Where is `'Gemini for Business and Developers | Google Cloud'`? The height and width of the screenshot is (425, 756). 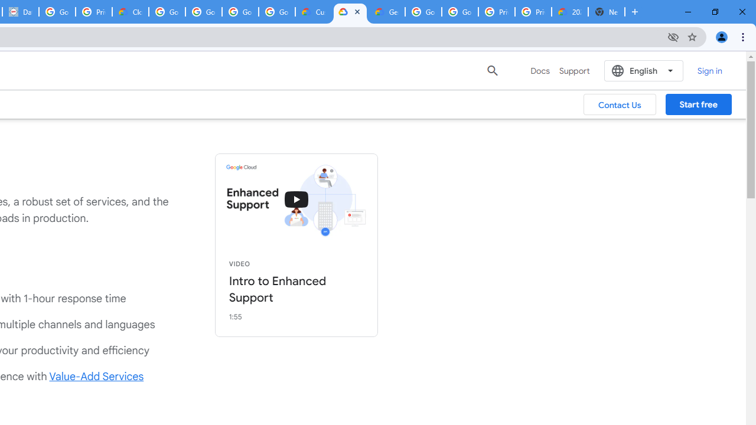
'Gemini for Business and Developers | Google Cloud' is located at coordinates (386, 12).